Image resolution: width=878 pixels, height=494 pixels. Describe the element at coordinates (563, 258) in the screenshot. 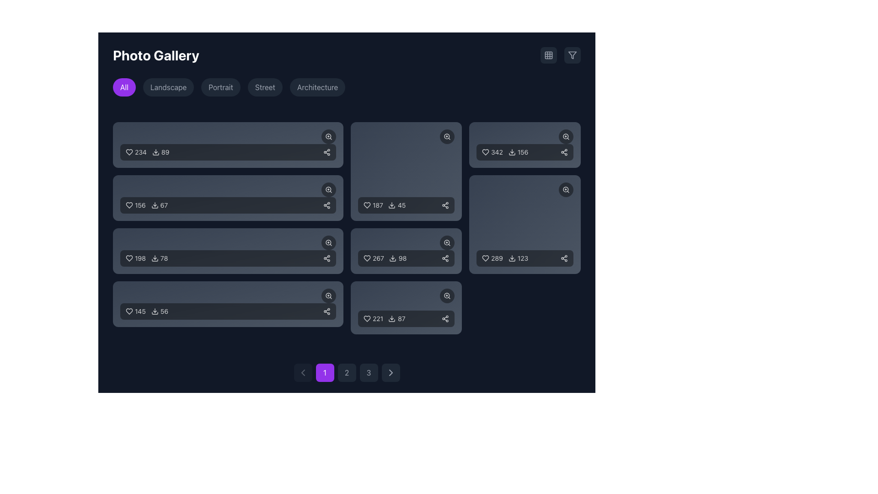

I see `the icon button resembling three connected circles in a triangular arrangement to observe the color change from gray to white` at that location.